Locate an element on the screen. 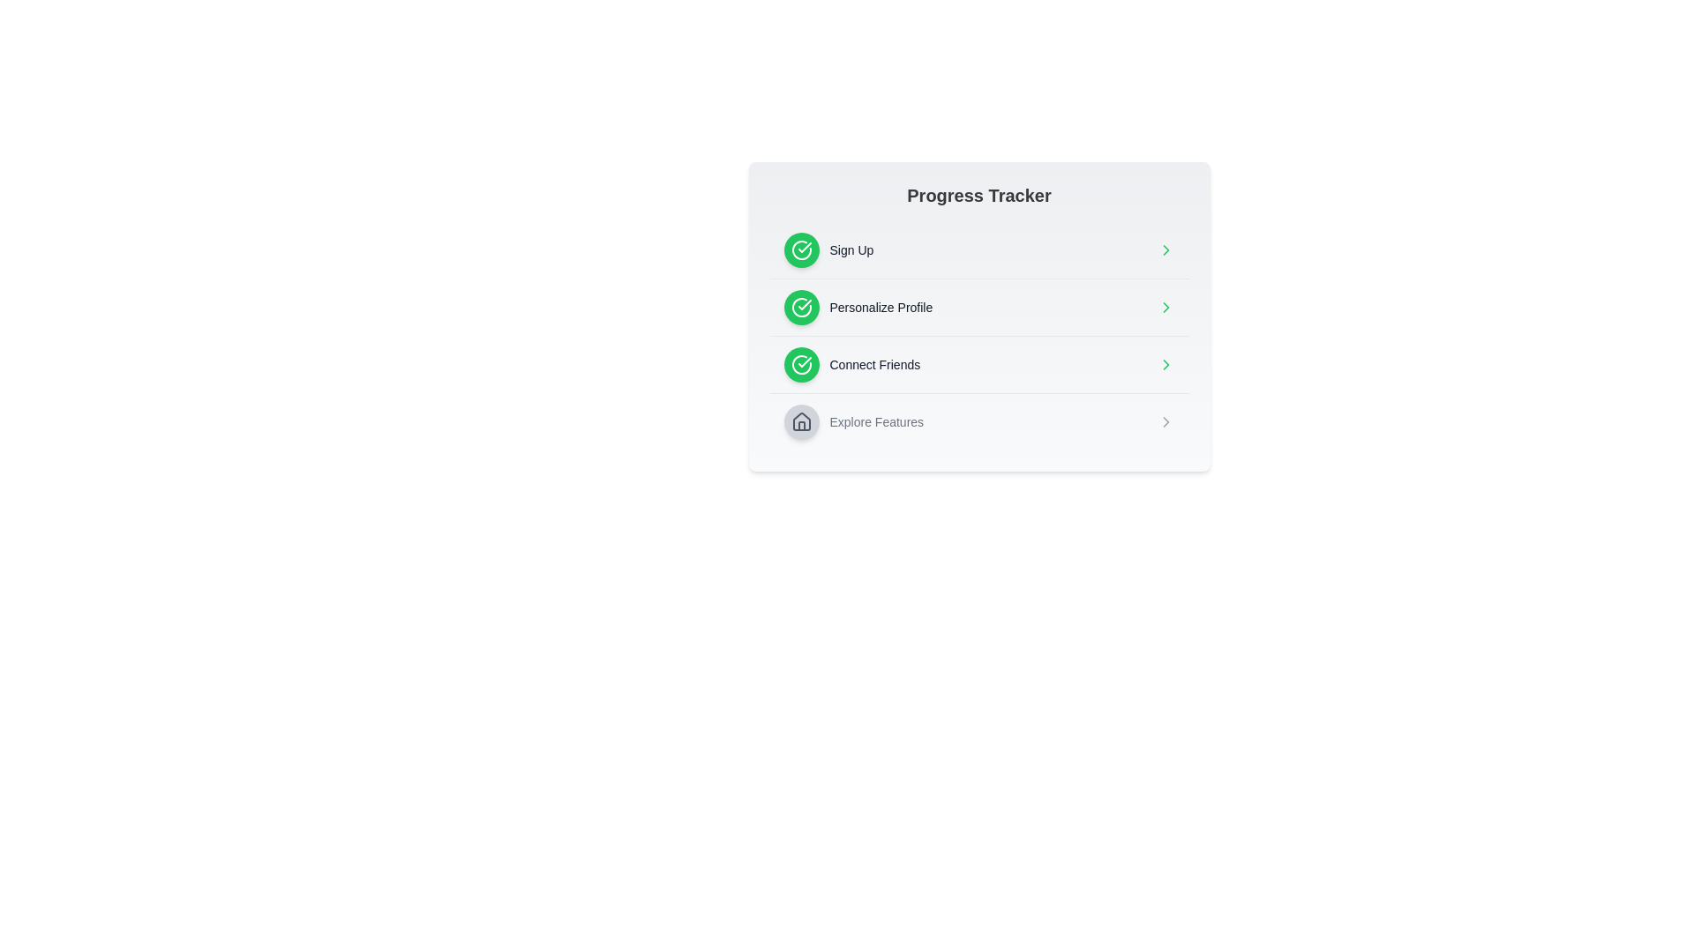 The height and width of the screenshot is (952, 1694). the second checkmark icon indicating the completion status of the 'Personalize Profile' task, located to the left of the 'Personalize Profile' label is located at coordinates (800, 306).